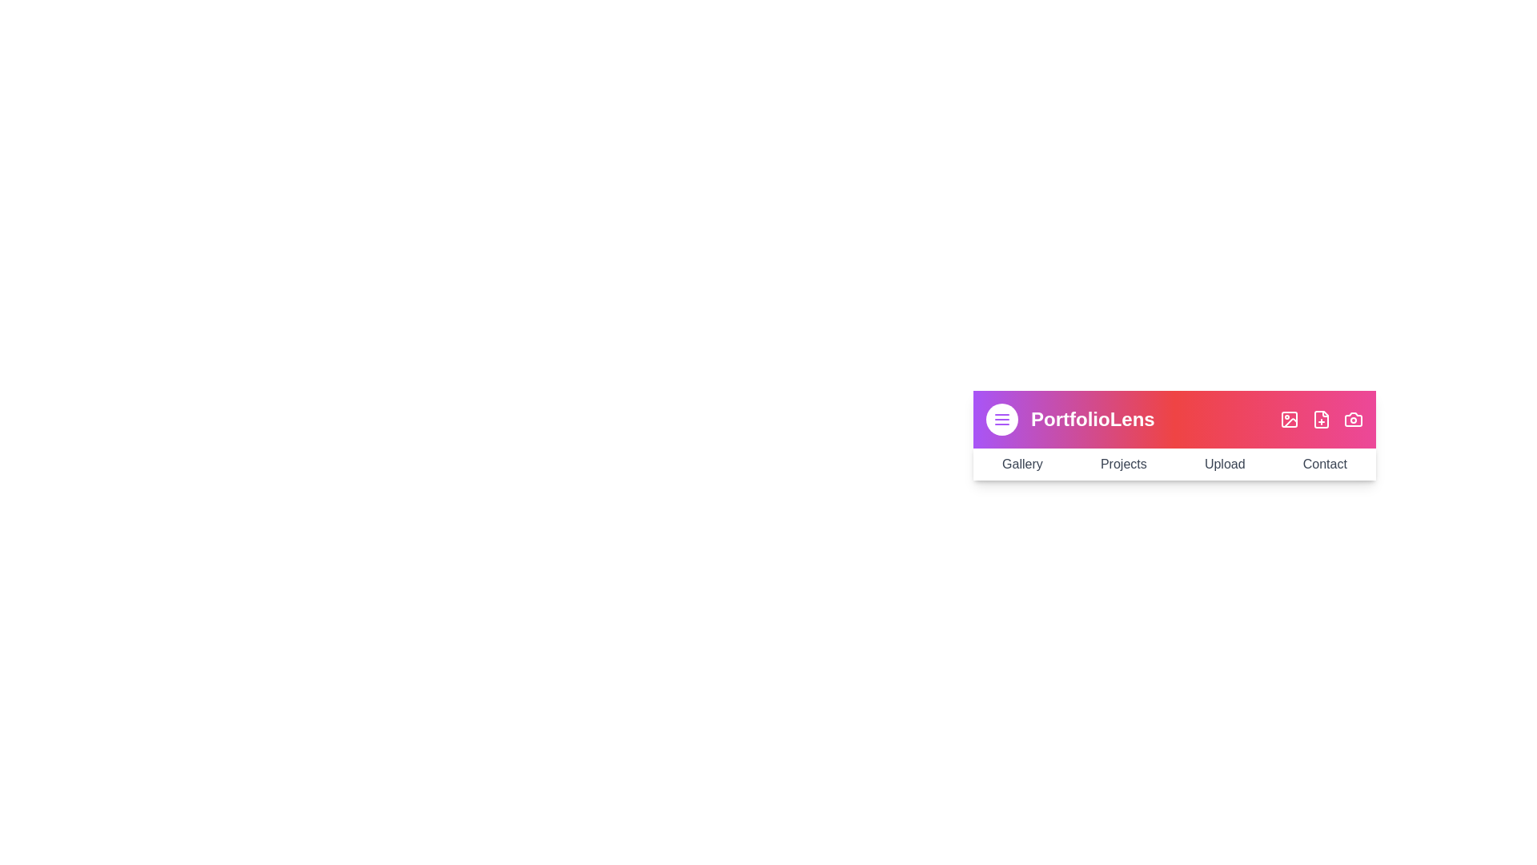  Describe the element at coordinates (1091, 419) in the screenshot. I see `the title text 'PortfolioLens' to focus on it` at that location.